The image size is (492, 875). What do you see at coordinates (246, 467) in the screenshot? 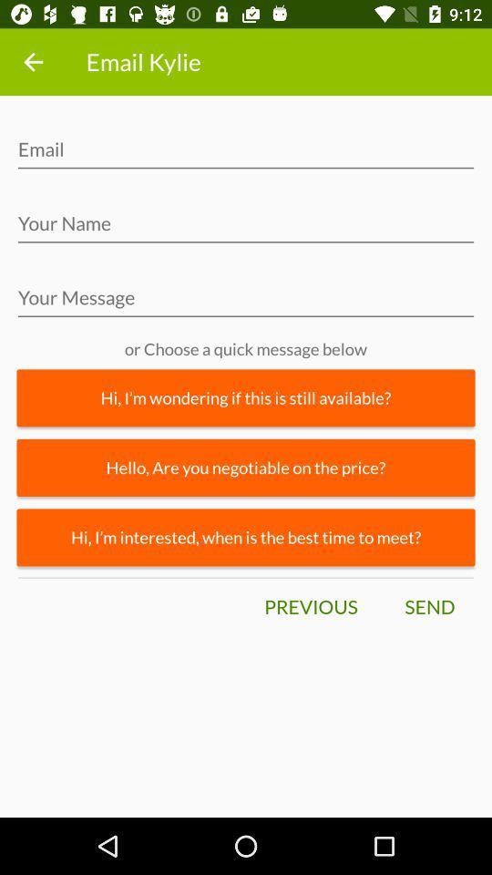
I see `hello are you item` at bounding box center [246, 467].